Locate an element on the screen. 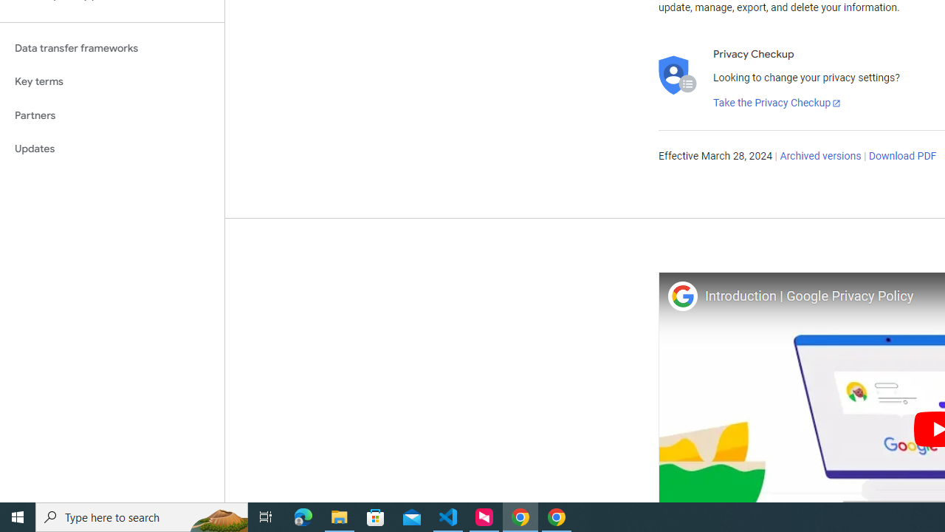  'Partners' is located at coordinates (111, 115).